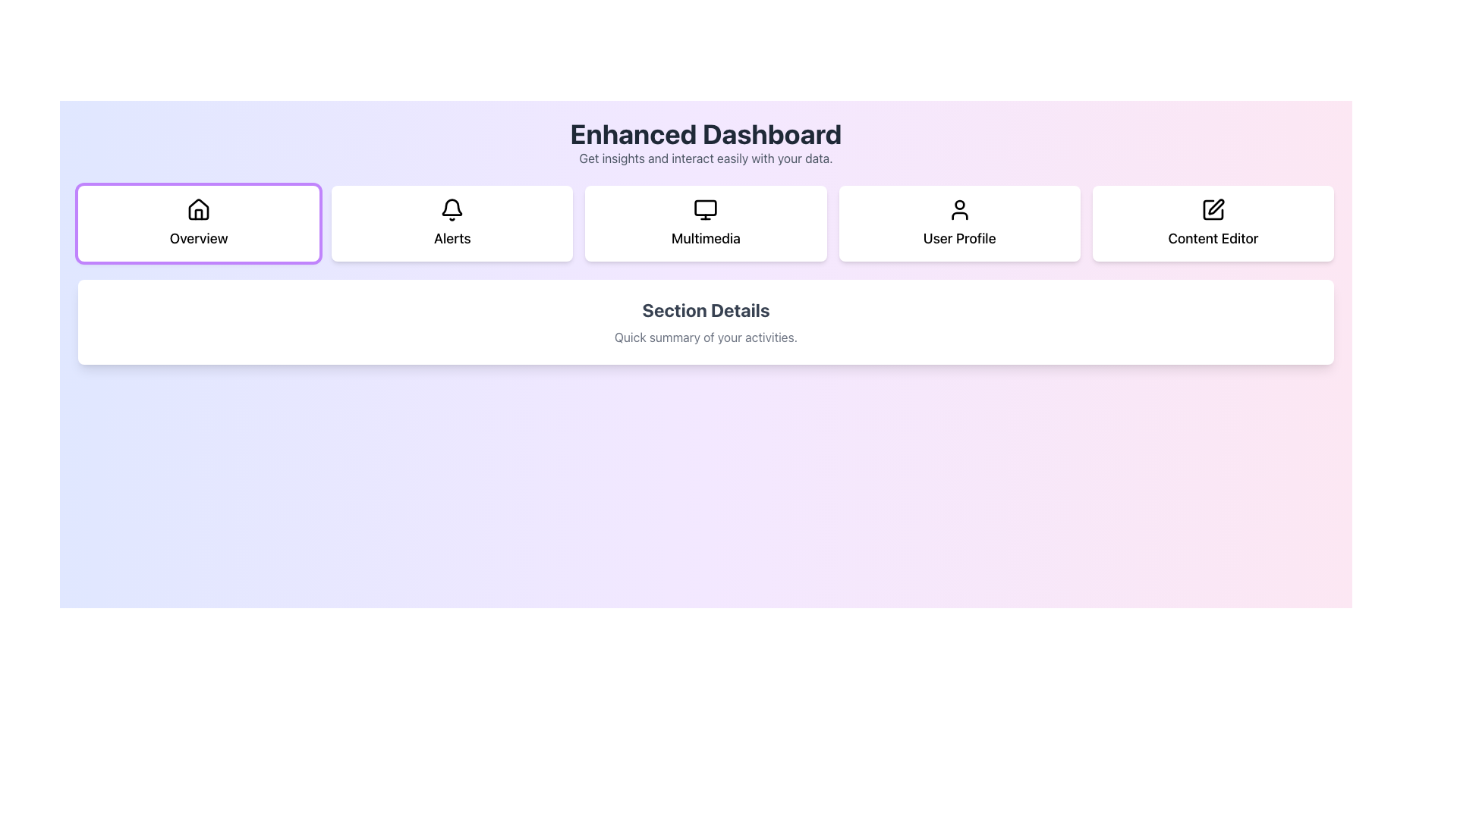 The height and width of the screenshot is (819, 1457). Describe the element at coordinates (452, 210) in the screenshot. I see `the notification icon represented by a bell, which is located in the 'Alerts' section of the interface` at that location.